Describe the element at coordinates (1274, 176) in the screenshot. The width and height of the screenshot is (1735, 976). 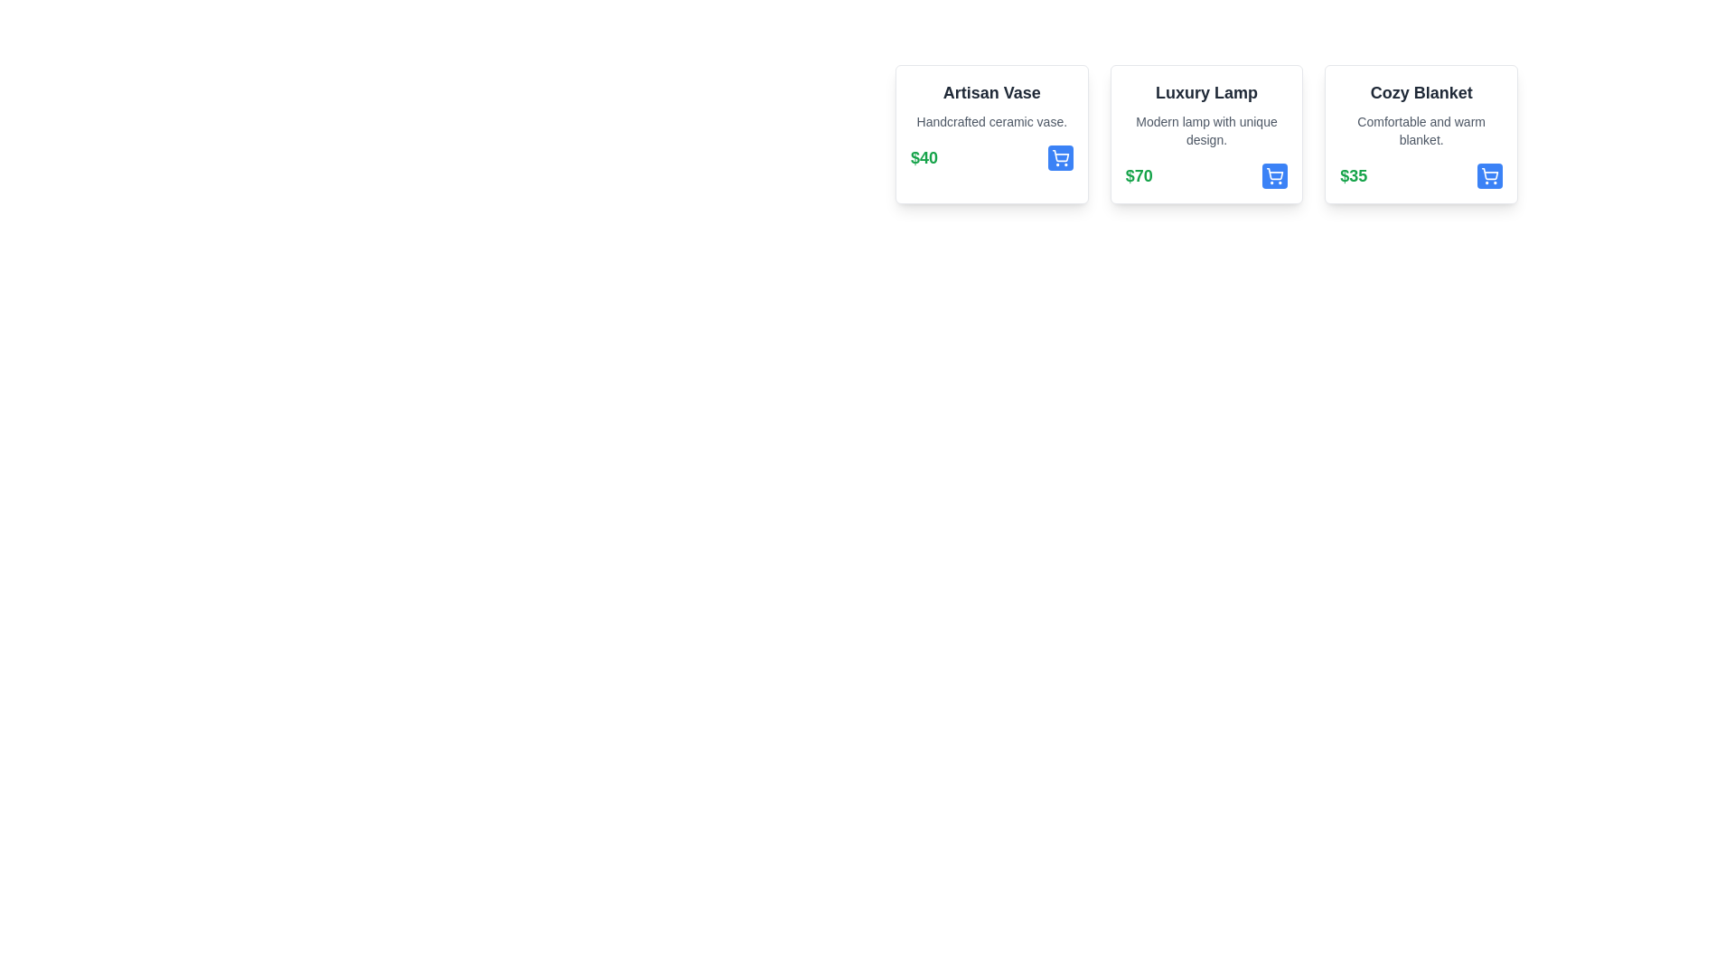
I see `the interactive button that allows users to add the 'Luxury Lamp' to their shopping cart` at that location.